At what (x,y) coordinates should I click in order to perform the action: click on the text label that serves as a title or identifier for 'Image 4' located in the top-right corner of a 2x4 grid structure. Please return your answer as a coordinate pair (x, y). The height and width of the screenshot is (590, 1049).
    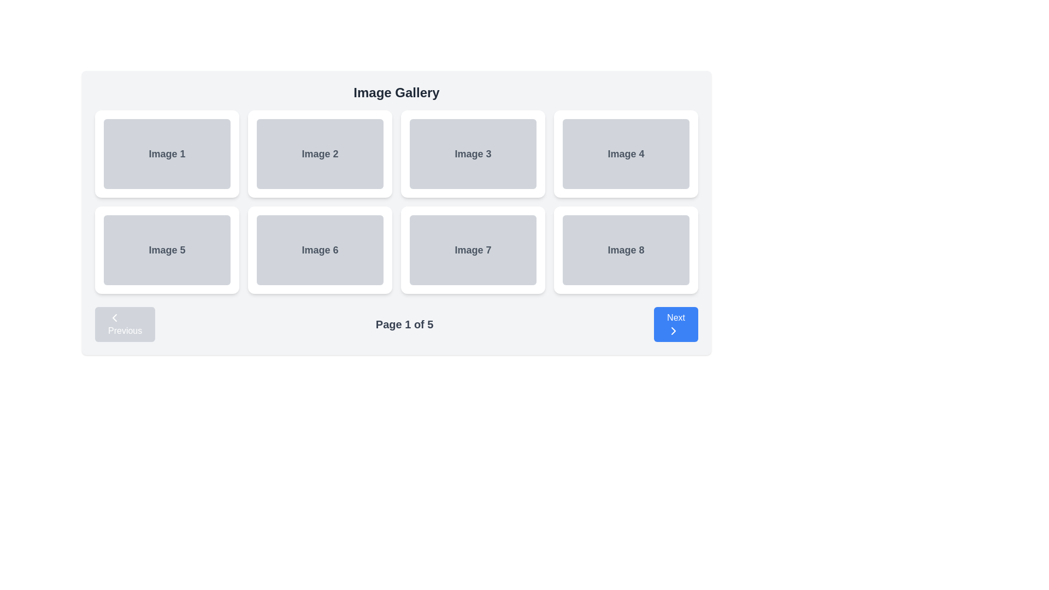
    Looking at the image, I should click on (626, 154).